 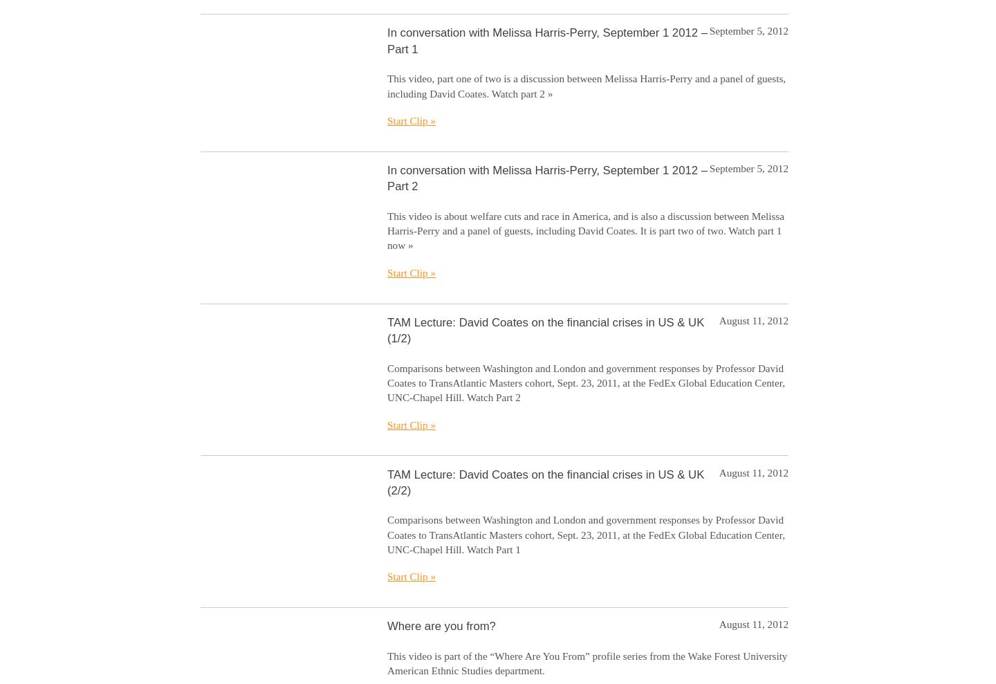 What do you see at coordinates (585, 382) in the screenshot?
I see `'Comparisons between Washington and London and government responses by Professor David Coates to TransAtlantic Masters cohort, Sept. 23, 2011, at the FedEx Global Education Center, UNC-Chapel Hill. Watch Part 2'` at bounding box center [585, 382].